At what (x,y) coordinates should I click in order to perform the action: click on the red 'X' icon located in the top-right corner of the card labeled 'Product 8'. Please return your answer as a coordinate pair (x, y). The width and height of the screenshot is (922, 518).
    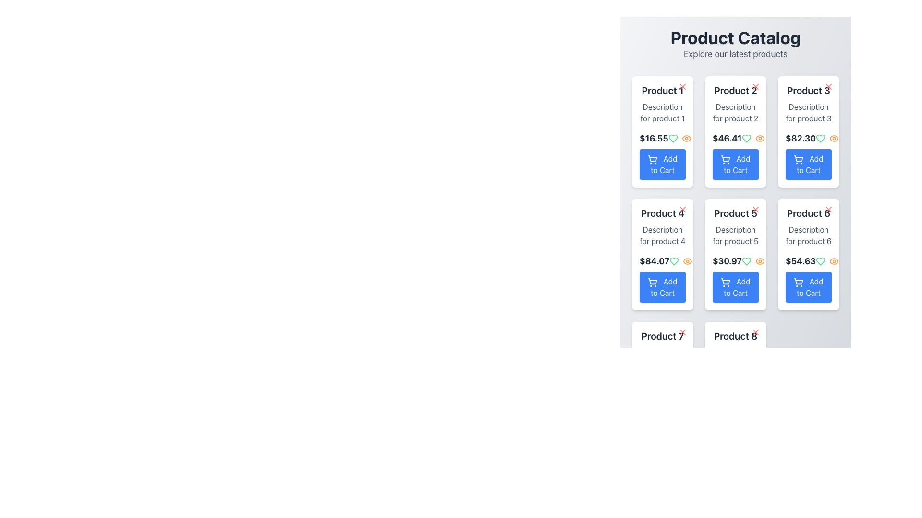
    Looking at the image, I should click on (755, 332).